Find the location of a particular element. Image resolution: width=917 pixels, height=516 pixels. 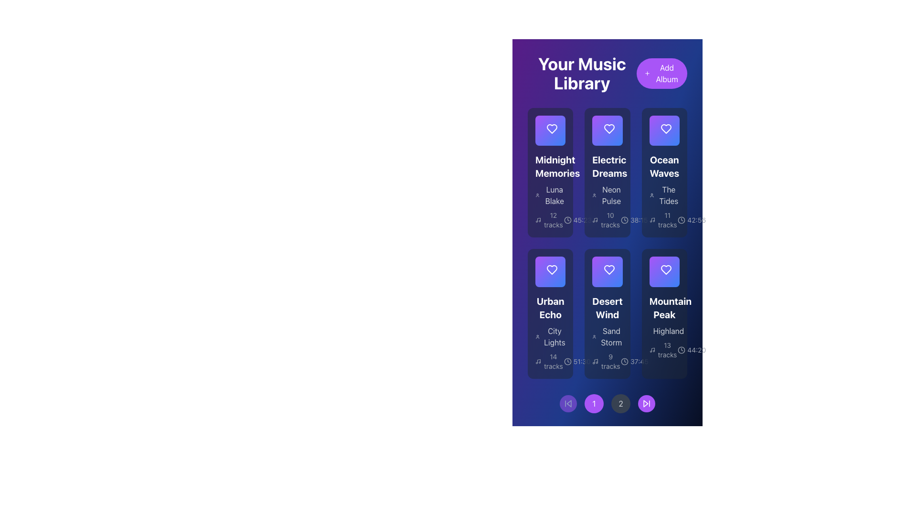

the Label displaying '13 tracks' with a music icon, located within the 'Mountain Peak' album card at the bottom right corner of the visible grid is located at coordinates (663, 350).